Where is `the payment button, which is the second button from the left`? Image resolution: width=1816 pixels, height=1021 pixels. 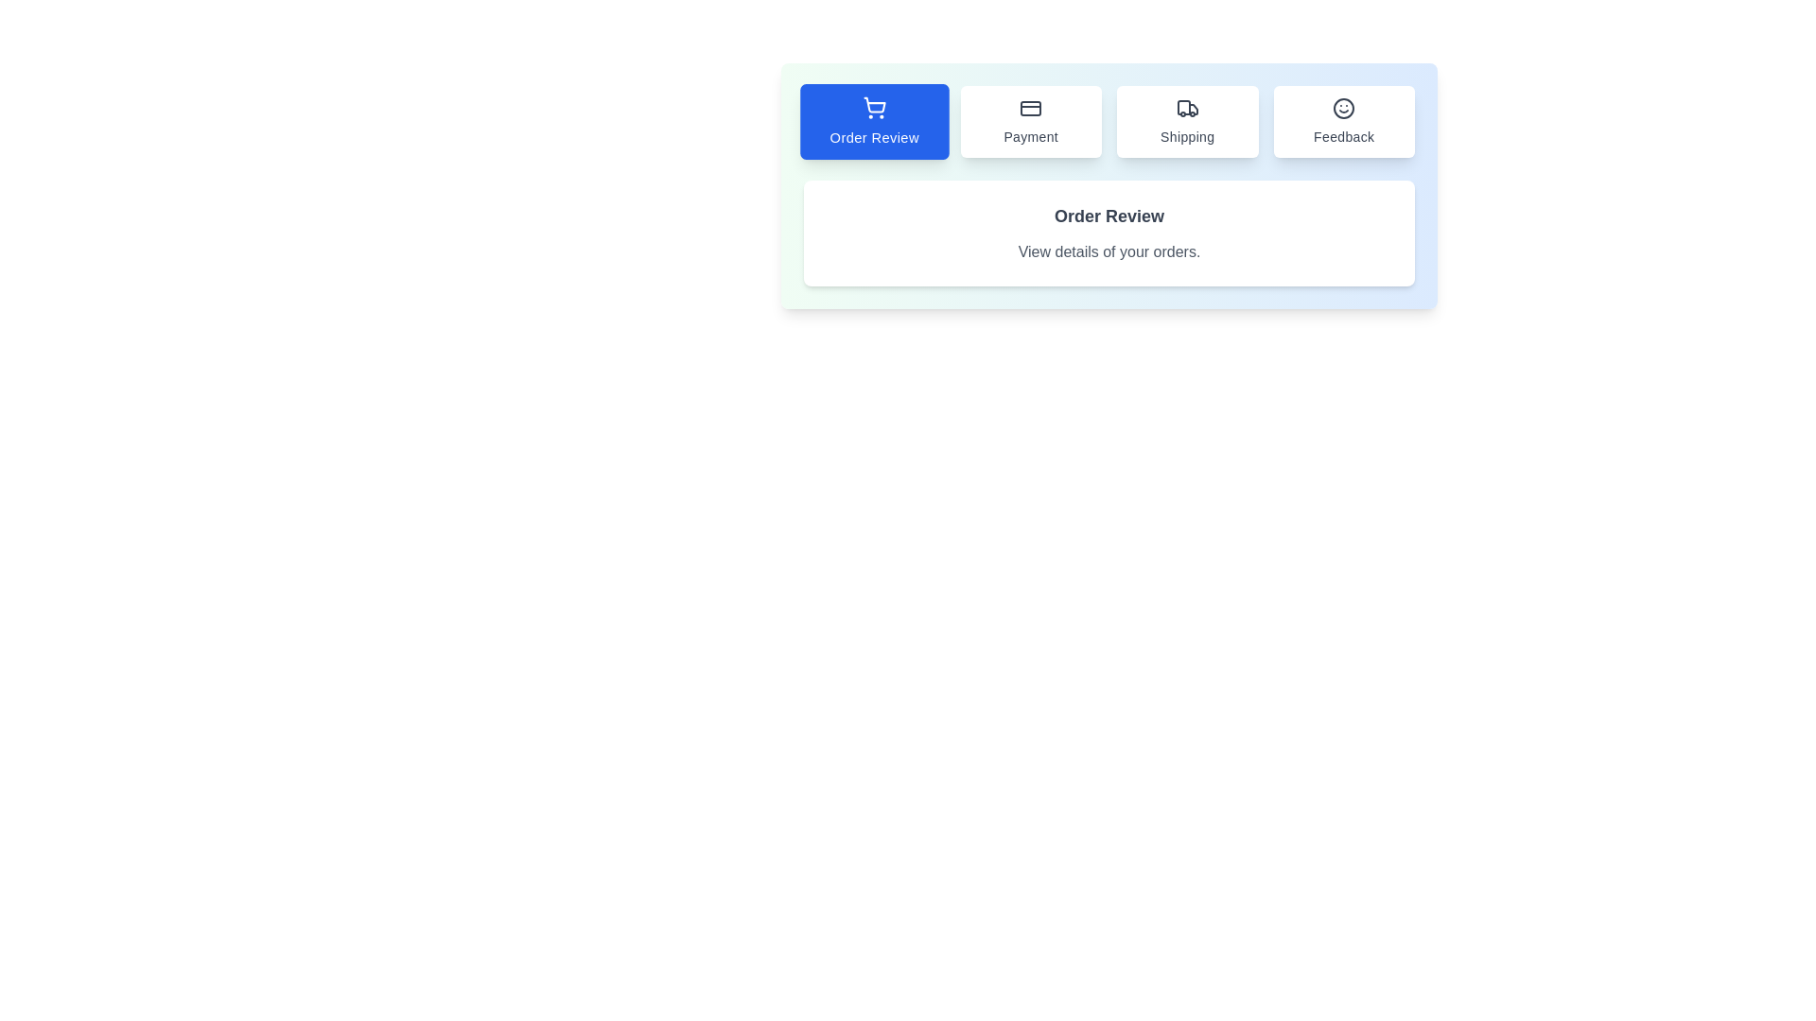
the payment button, which is the second button from the left is located at coordinates (1030, 121).